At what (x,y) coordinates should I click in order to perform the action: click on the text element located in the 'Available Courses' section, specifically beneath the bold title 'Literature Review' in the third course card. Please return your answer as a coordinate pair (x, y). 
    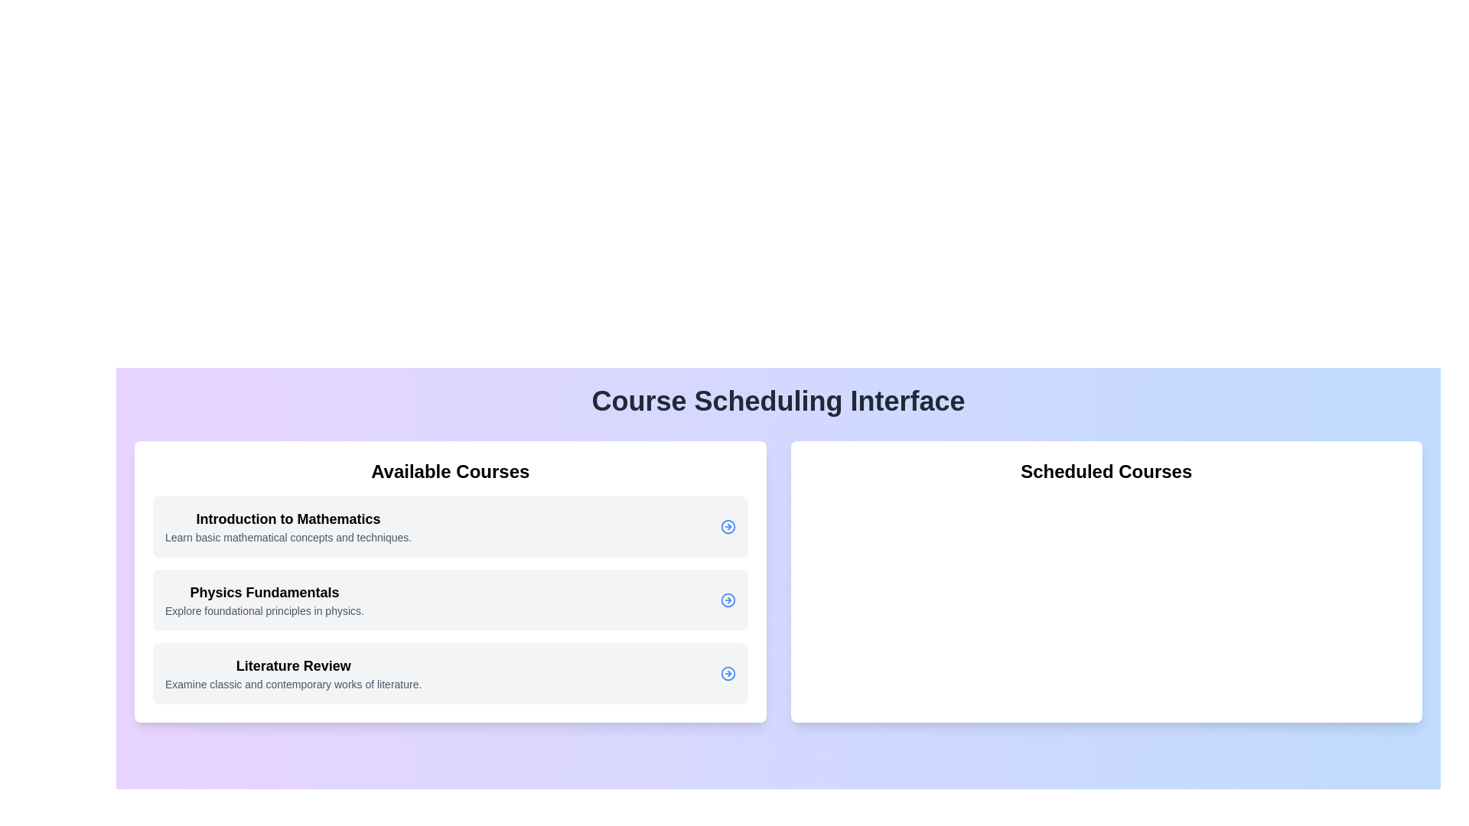
    Looking at the image, I should click on (293, 683).